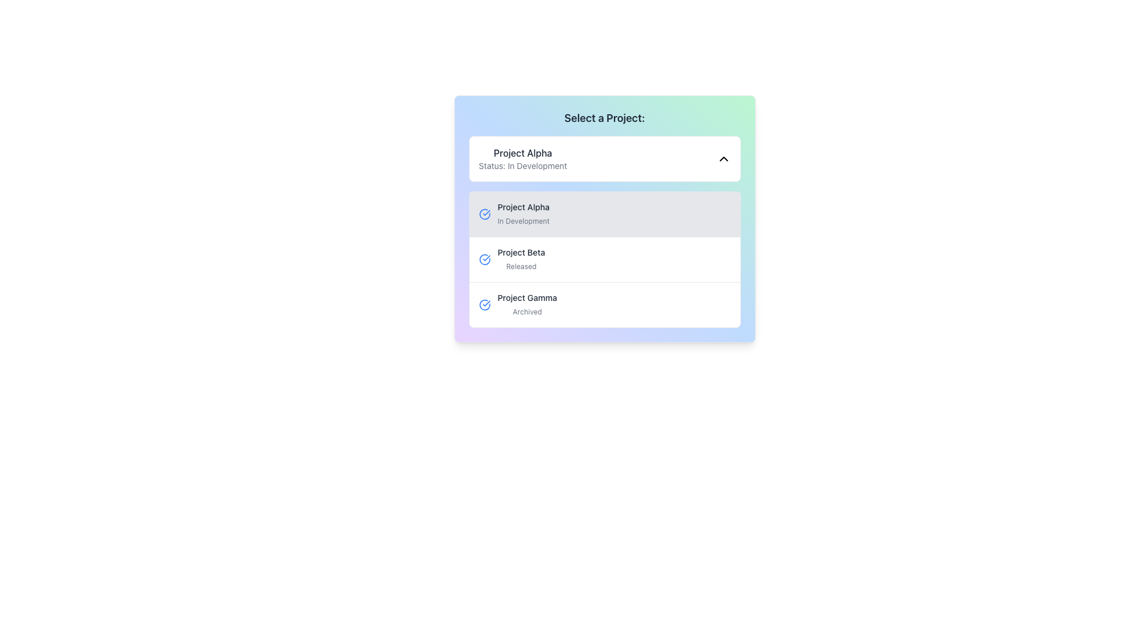 The image size is (1130, 636). What do you see at coordinates (484, 214) in the screenshot?
I see `the SVG graphical element within the icon that indicates the status of 'Project Alpha', located in the first item of the project list` at bounding box center [484, 214].